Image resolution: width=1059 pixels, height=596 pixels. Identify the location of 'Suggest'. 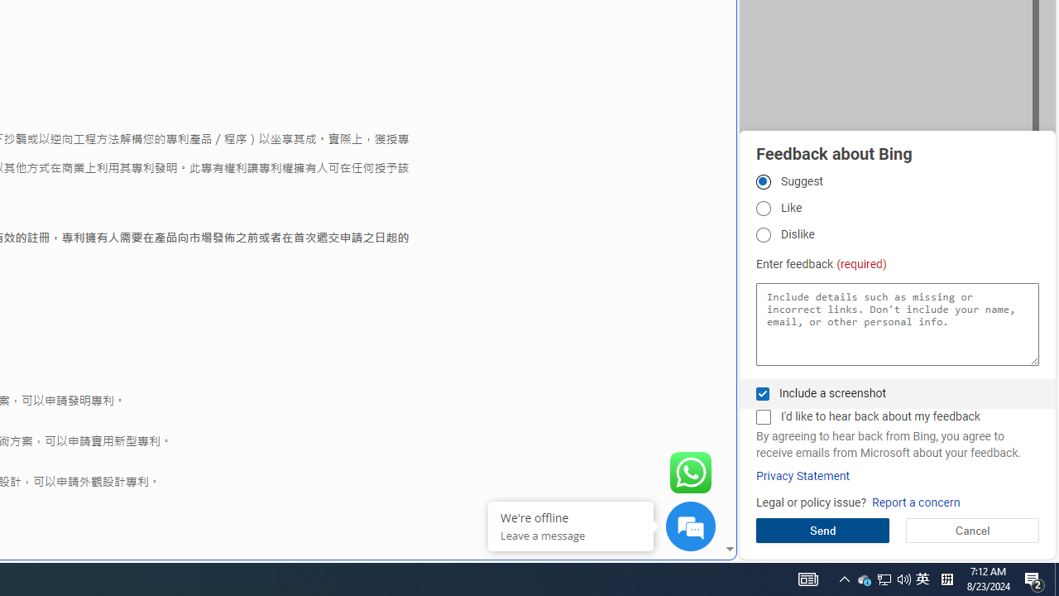
(762, 181).